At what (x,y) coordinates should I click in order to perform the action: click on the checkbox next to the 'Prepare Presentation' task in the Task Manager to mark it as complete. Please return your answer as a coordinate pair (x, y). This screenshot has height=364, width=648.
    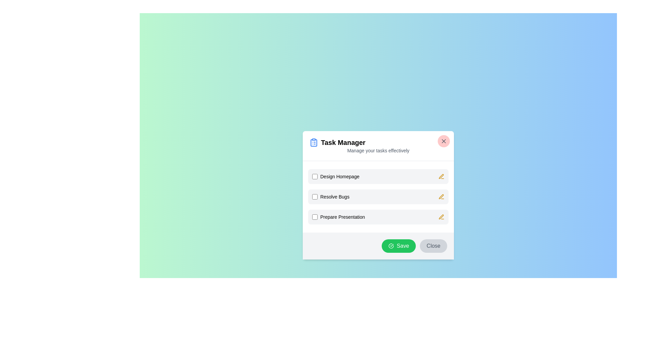
    Looking at the image, I should click on (339, 217).